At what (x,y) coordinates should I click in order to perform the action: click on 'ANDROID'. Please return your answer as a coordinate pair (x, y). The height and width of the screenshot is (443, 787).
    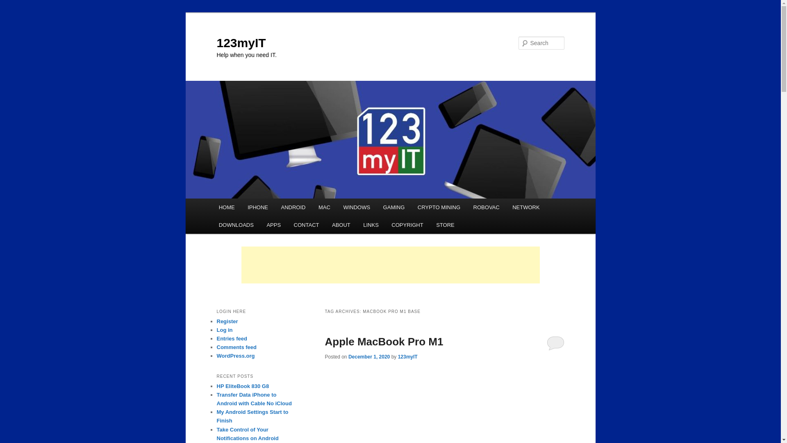
    Looking at the image, I should click on (293, 207).